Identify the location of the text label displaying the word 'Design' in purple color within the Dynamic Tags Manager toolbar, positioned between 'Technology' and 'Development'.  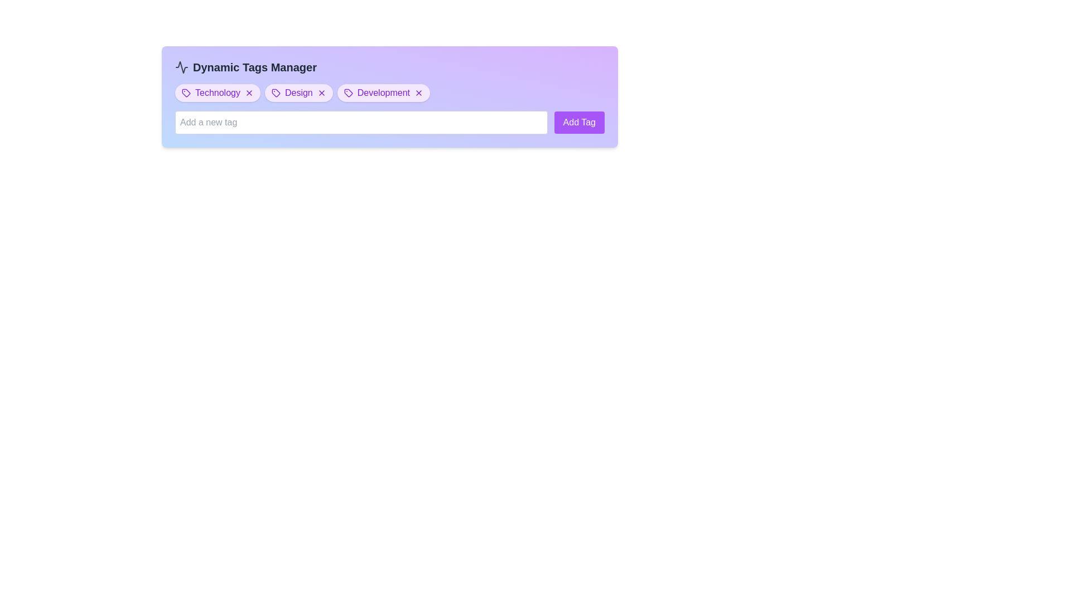
(298, 92).